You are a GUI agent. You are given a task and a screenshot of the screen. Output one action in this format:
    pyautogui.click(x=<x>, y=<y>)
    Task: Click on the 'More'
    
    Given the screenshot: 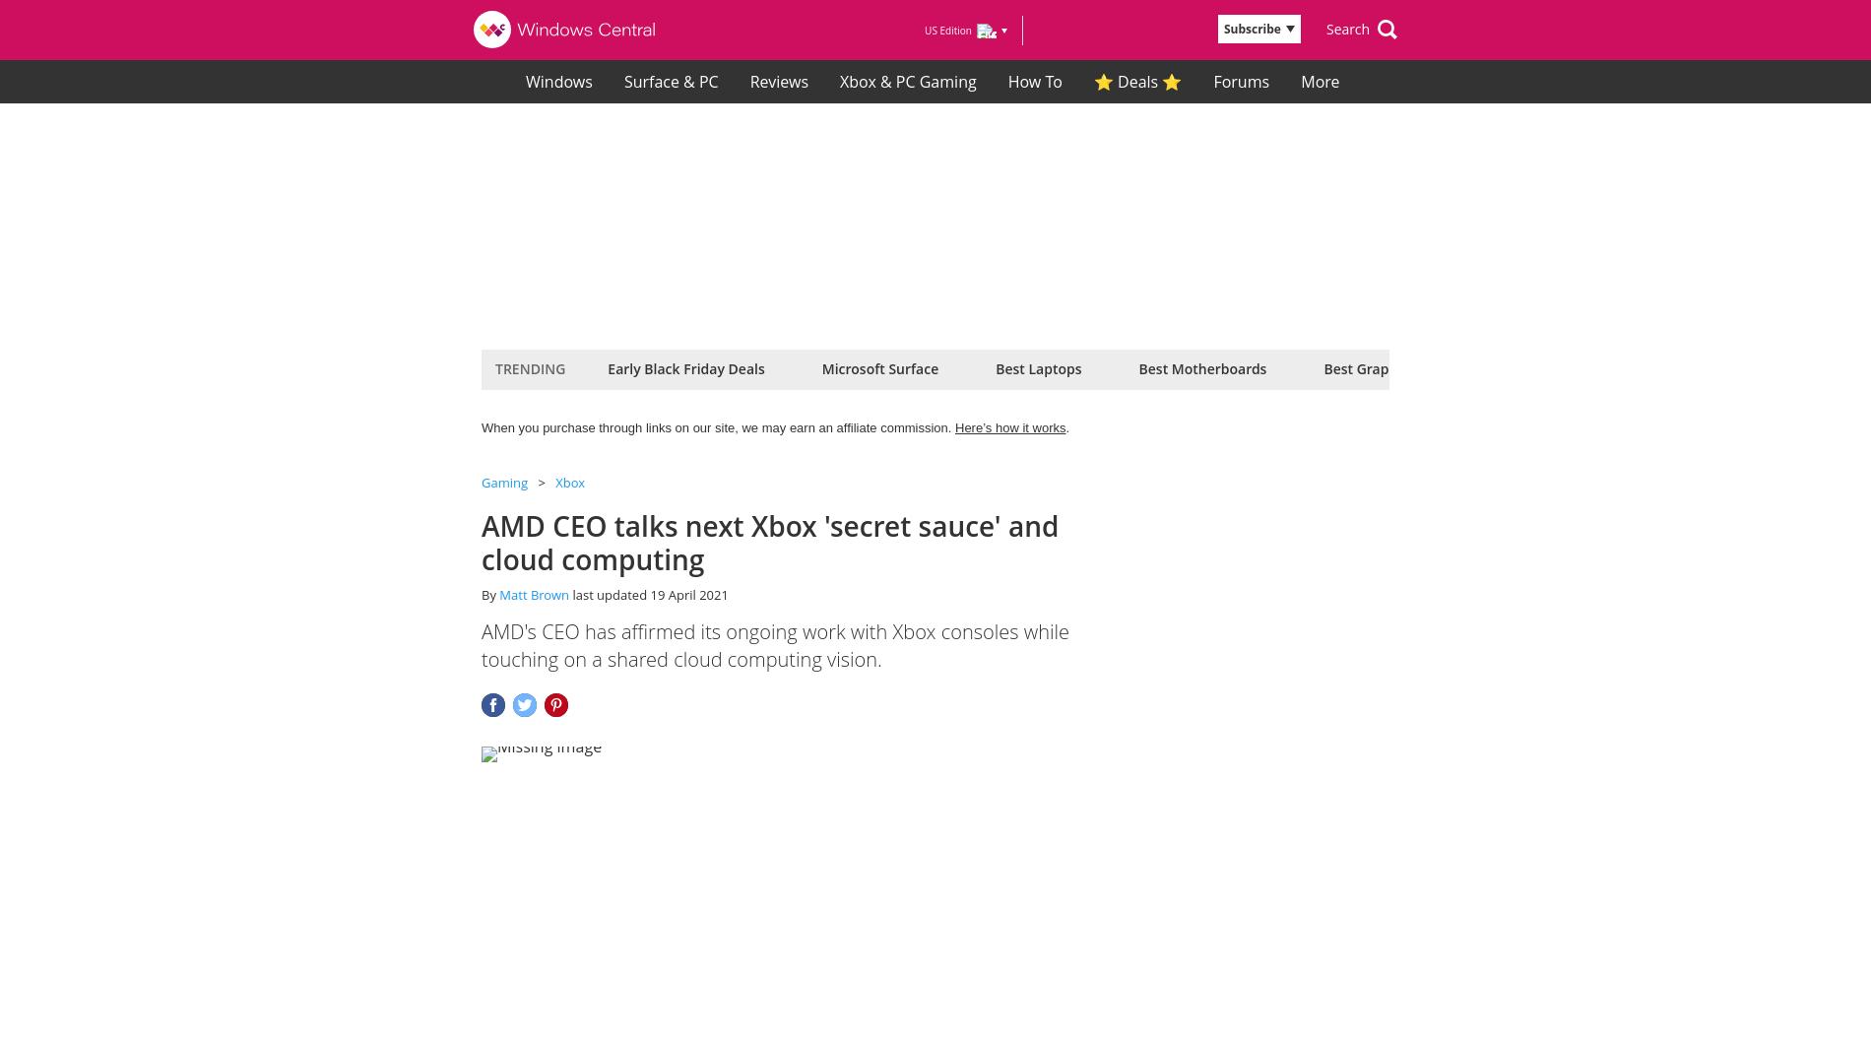 What is the action you would take?
    pyautogui.click(x=1321, y=80)
    